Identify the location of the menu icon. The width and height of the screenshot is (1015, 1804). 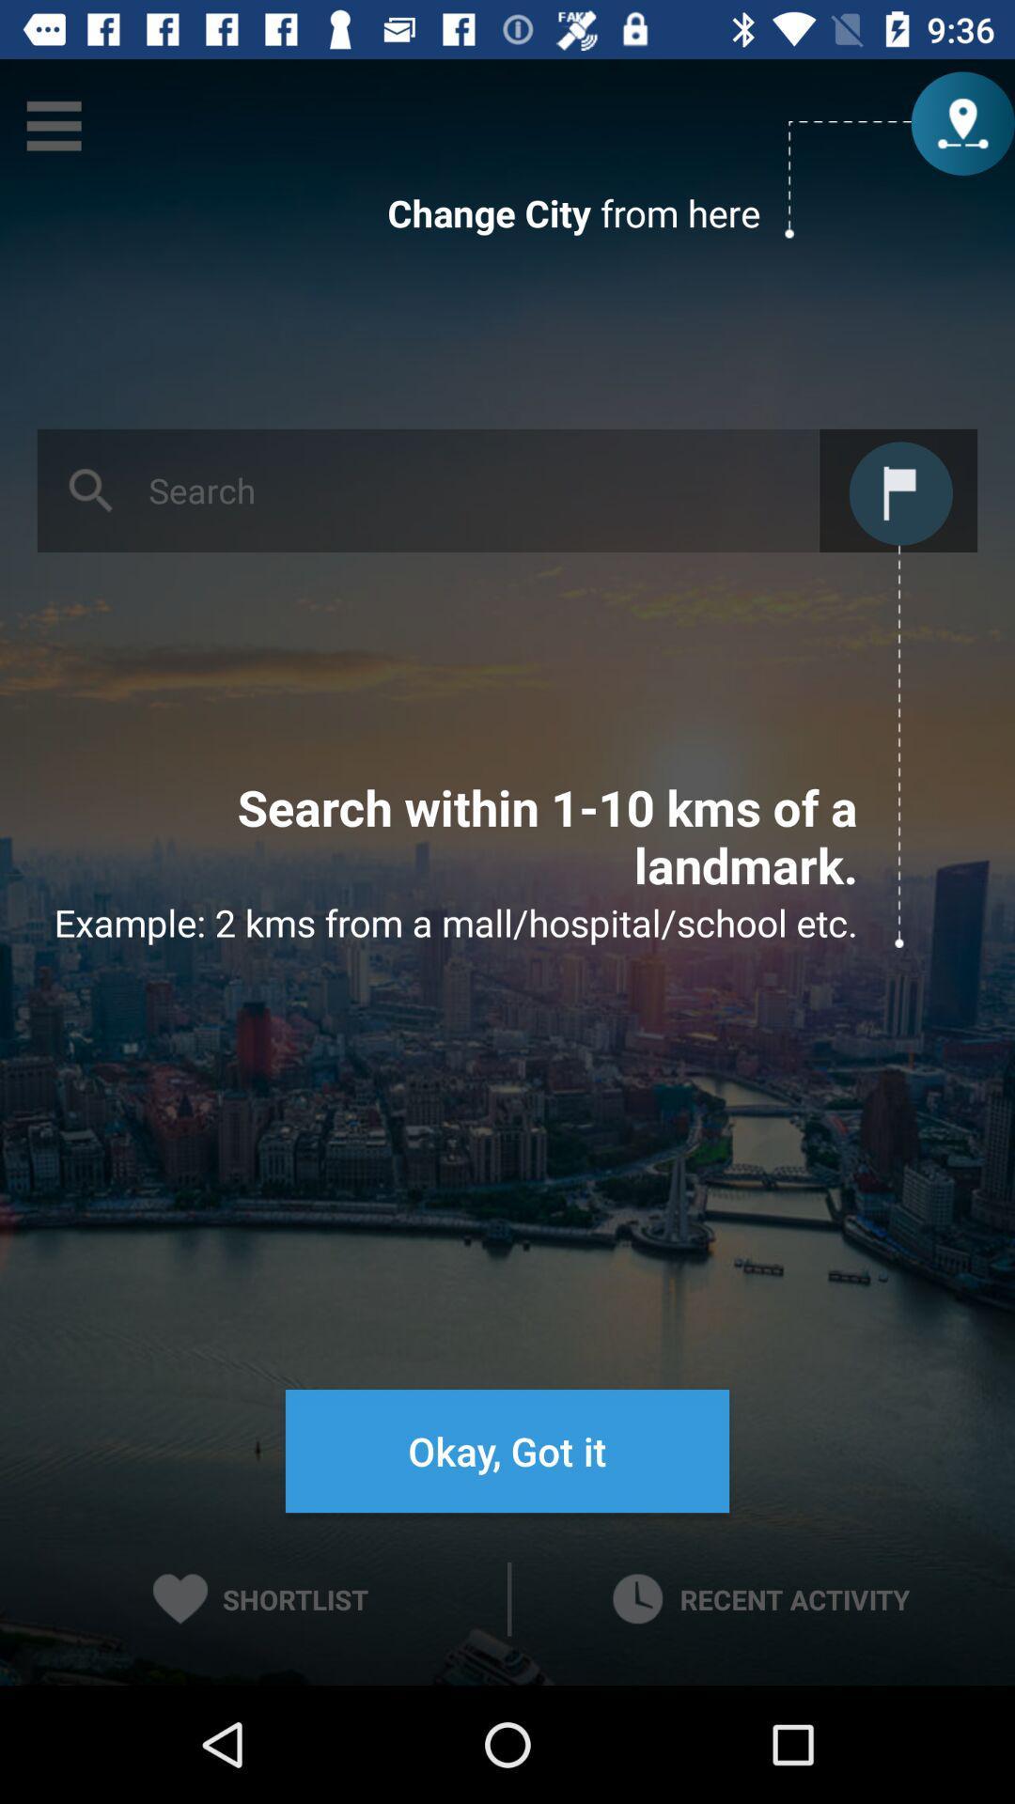
(53, 125).